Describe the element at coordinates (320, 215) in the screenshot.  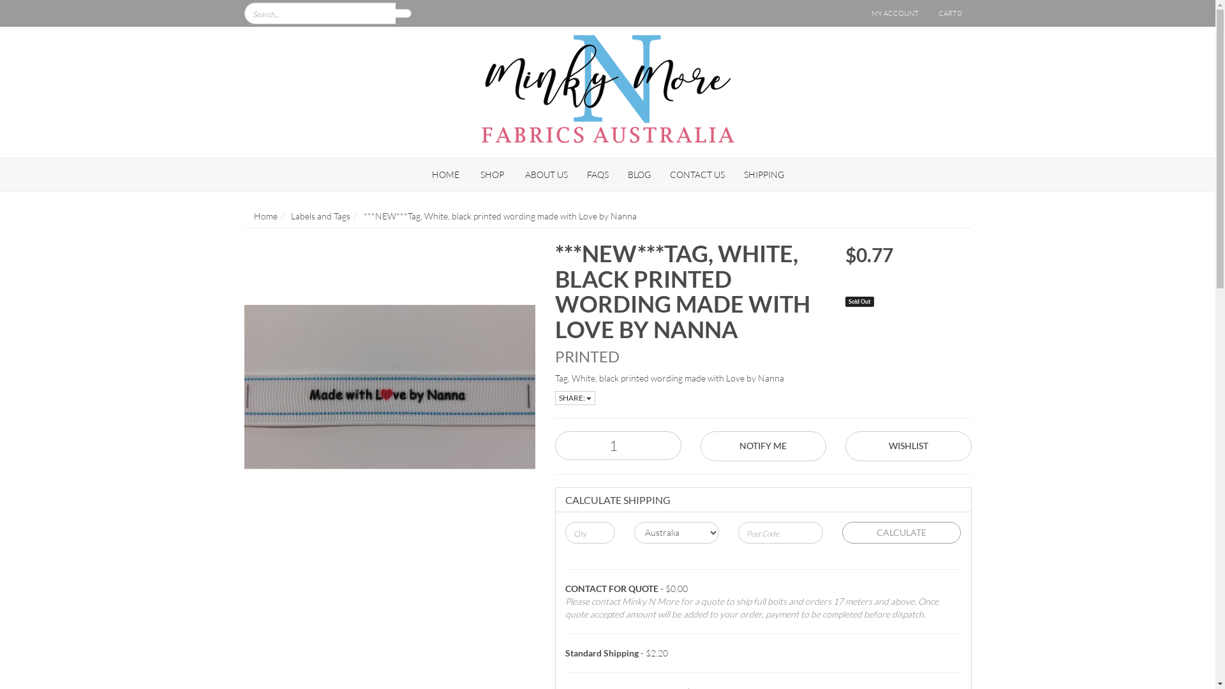
I see `'Labels and Tags'` at that location.